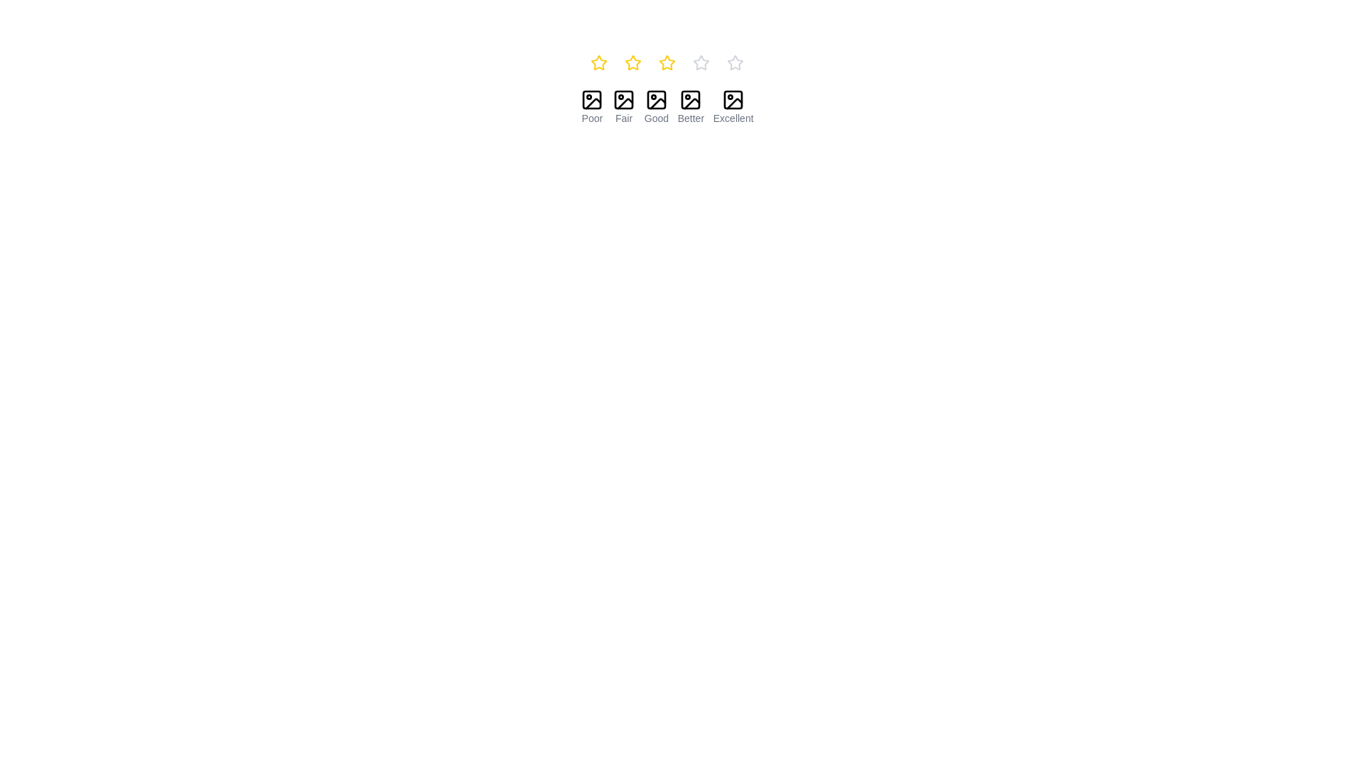  Describe the element at coordinates (592, 117) in the screenshot. I see `the text label that describes the image above it, which is directly below the 'Poor' icon in the rating scale` at that location.